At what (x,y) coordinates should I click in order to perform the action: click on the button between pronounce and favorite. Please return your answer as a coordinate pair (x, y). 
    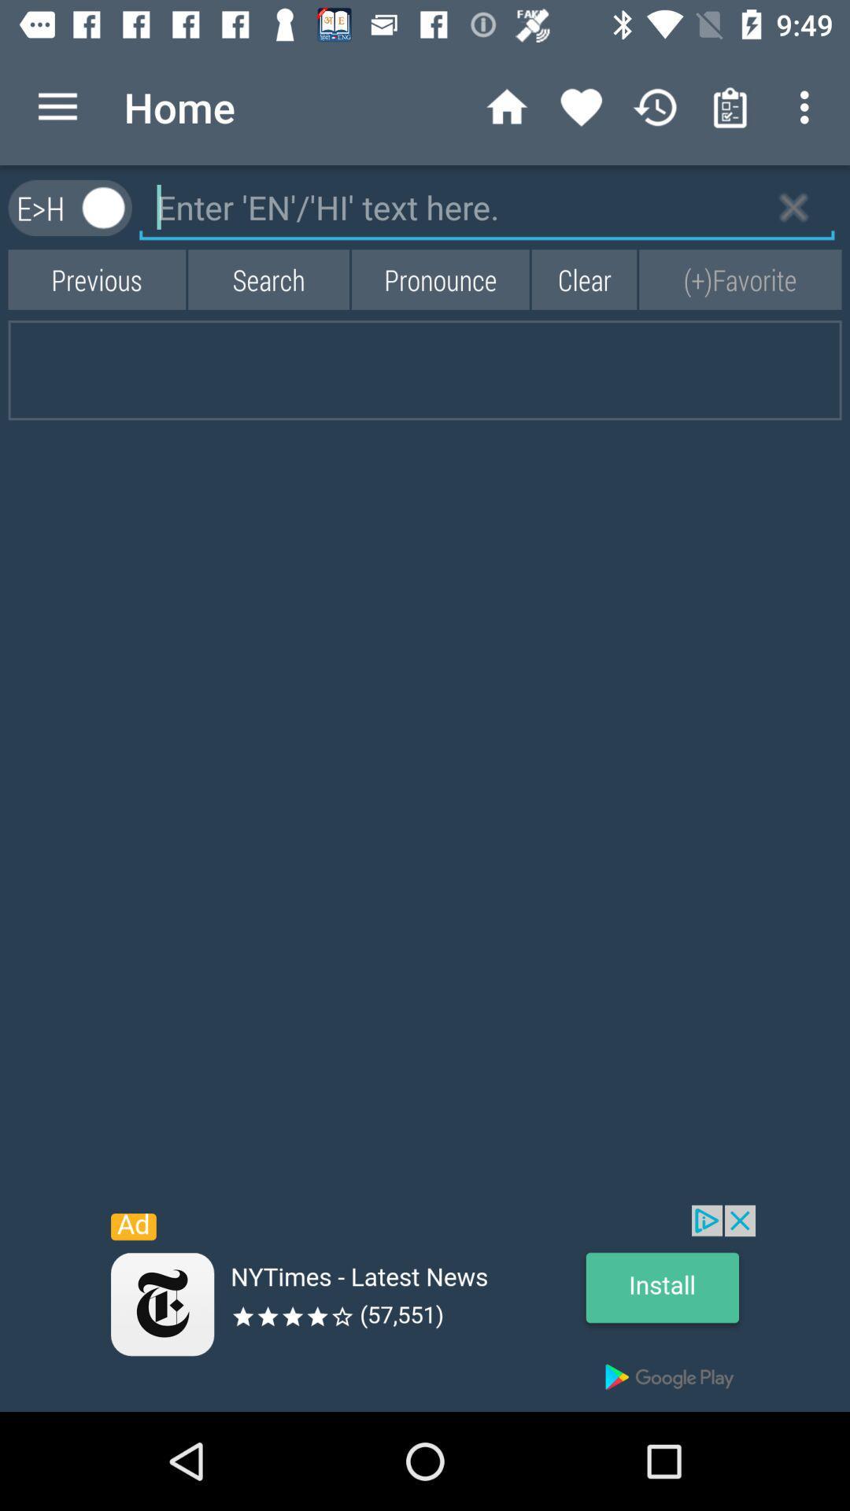
    Looking at the image, I should click on (584, 279).